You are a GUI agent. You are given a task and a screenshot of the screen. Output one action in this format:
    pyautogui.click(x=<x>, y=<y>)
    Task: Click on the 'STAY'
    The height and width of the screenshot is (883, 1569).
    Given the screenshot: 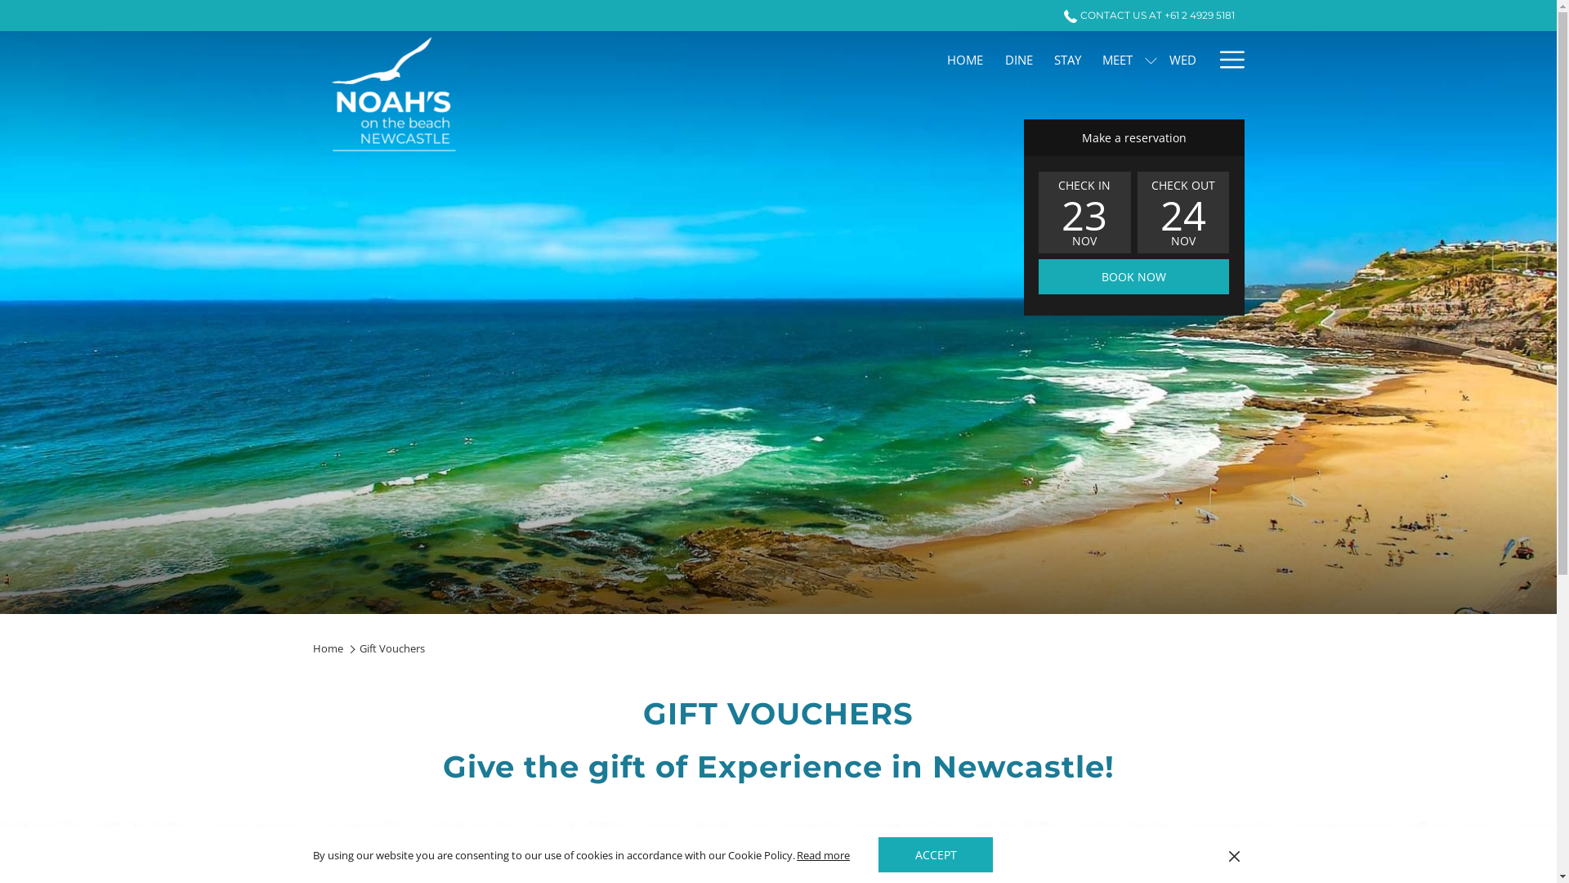 What is the action you would take?
    pyautogui.click(x=1067, y=58)
    